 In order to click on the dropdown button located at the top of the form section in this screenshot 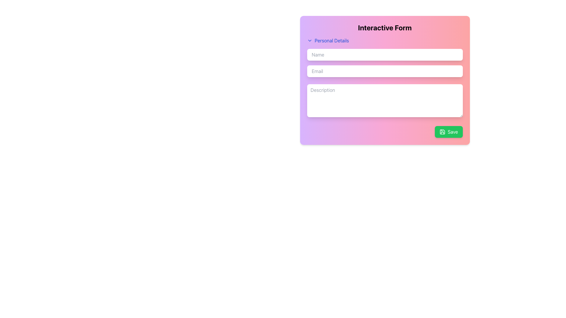, I will do `click(328, 40)`.